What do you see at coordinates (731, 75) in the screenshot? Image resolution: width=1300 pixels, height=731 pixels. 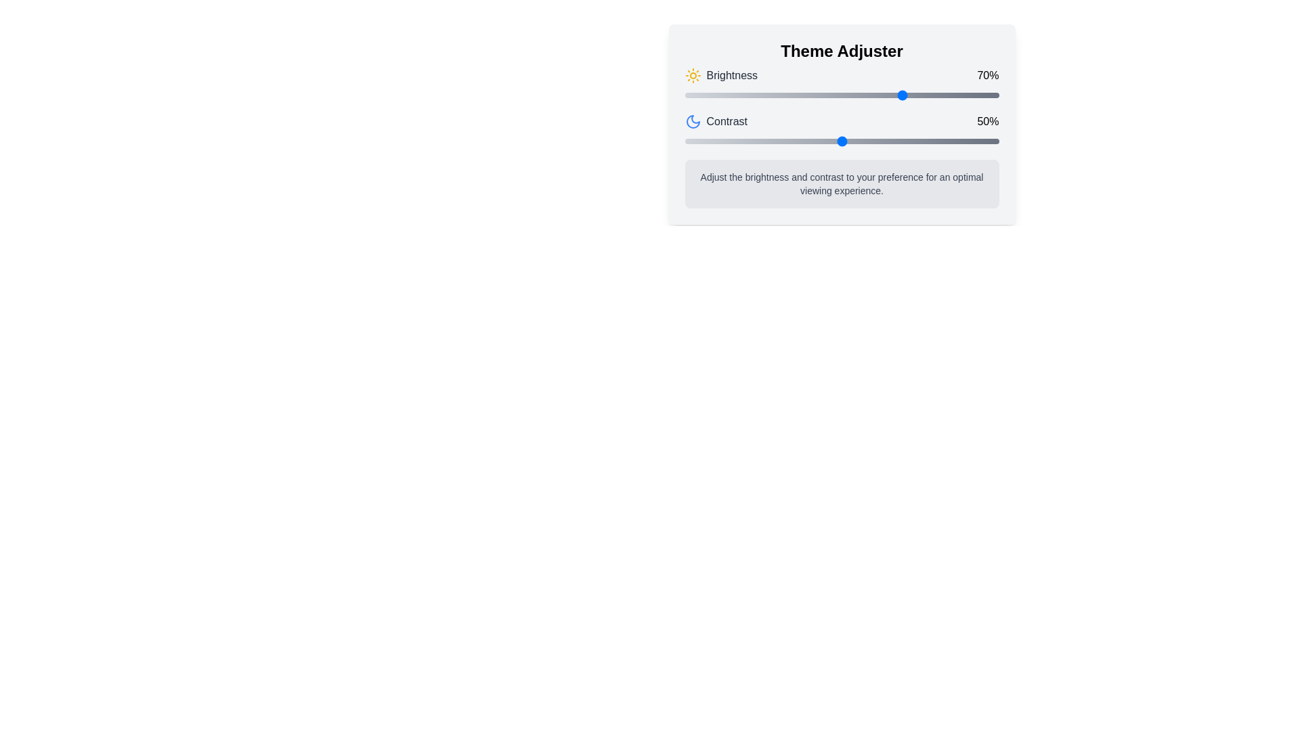 I see `brightness adjustment label located below the 'Theme Adjuster' heading, to the left of the sun-shaped icon` at bounding box center [731, 75].